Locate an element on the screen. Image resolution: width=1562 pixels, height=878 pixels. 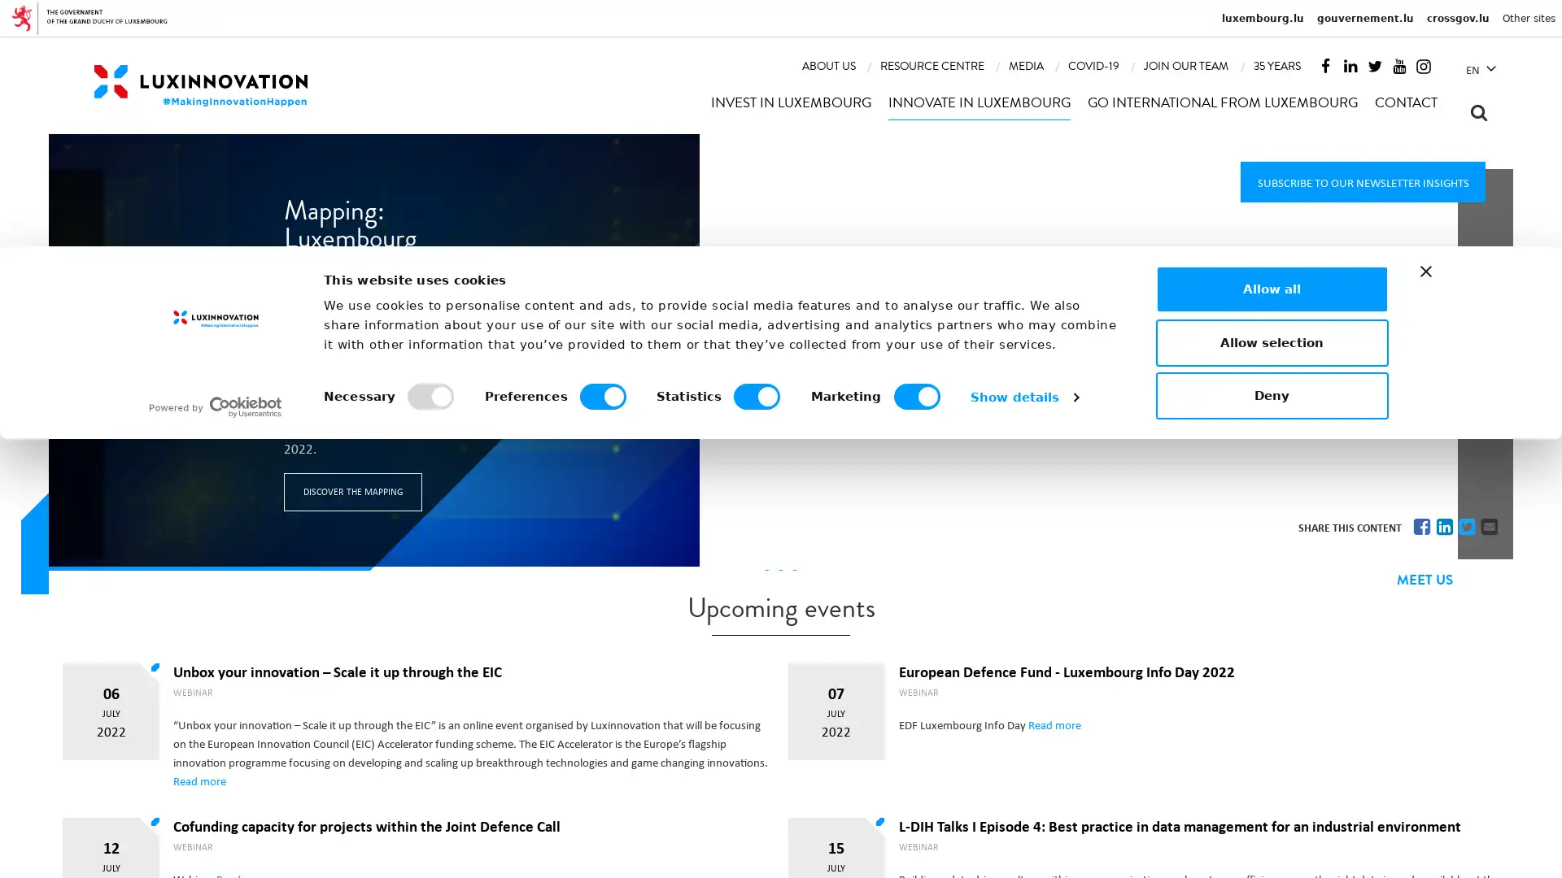
Close banner is located at coordinates (1425, 710).